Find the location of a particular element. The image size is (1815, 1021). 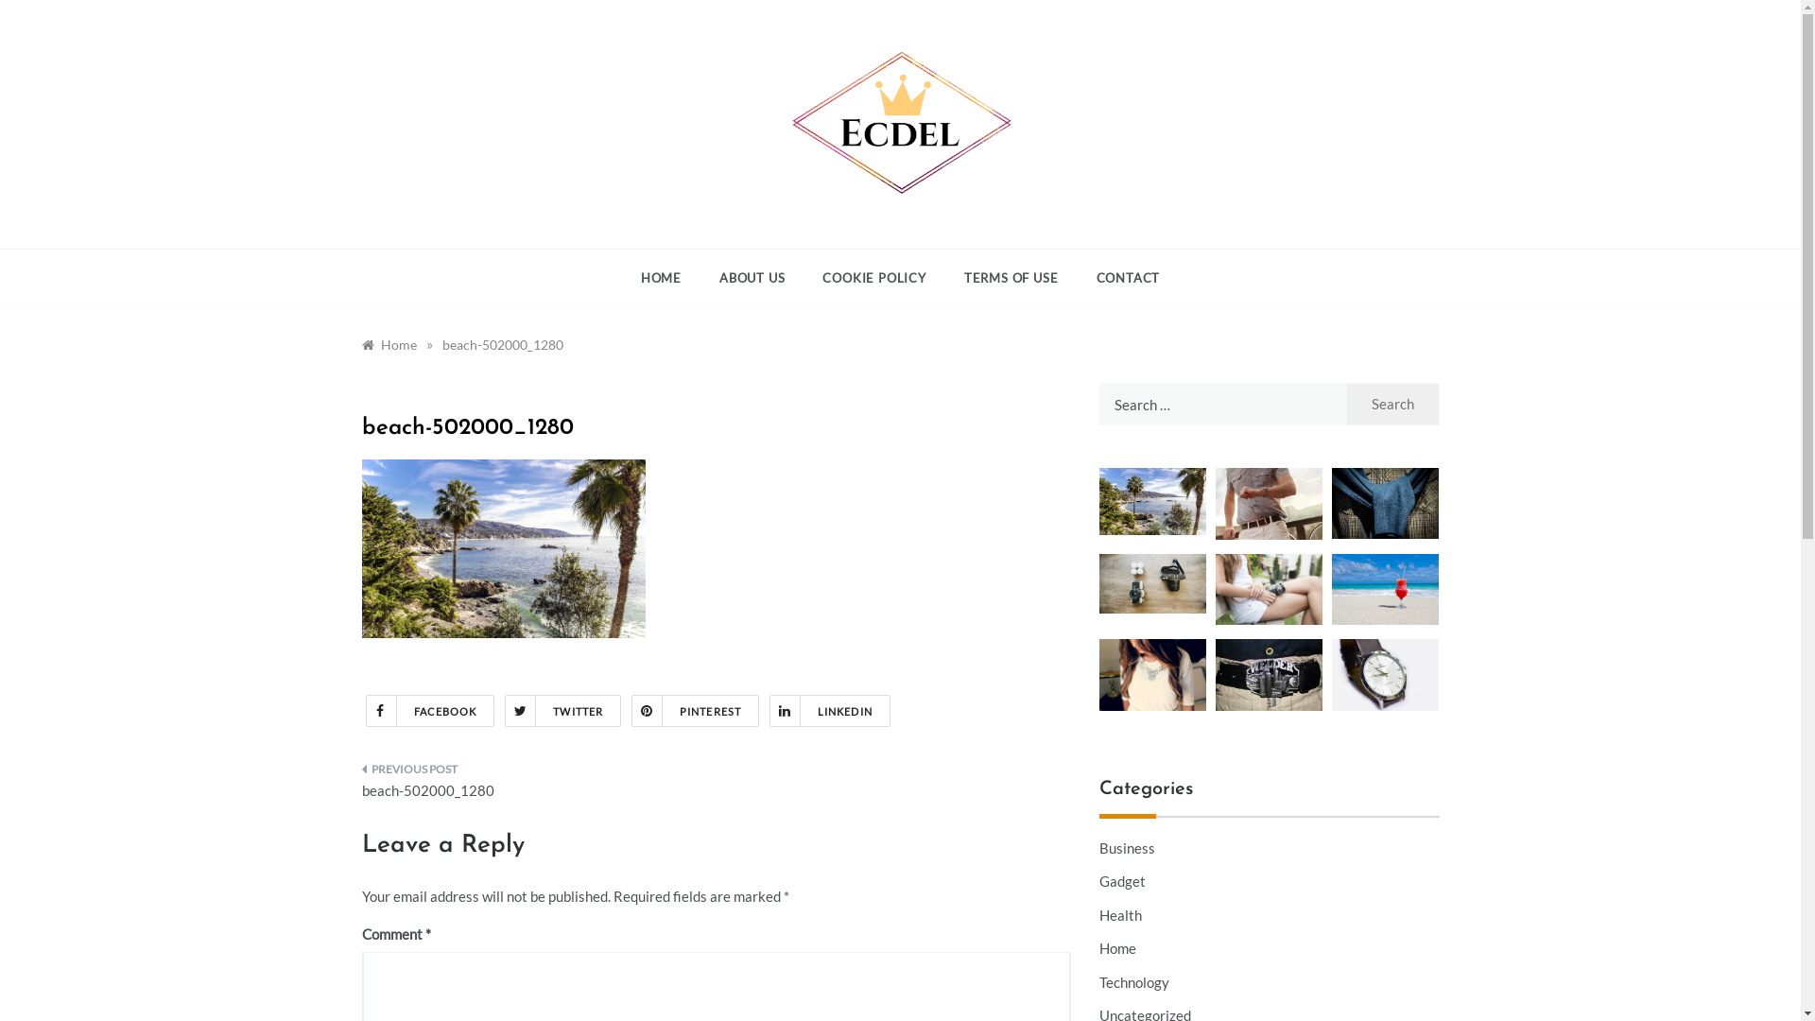

'Search' is located at coordinates (1345, 403).